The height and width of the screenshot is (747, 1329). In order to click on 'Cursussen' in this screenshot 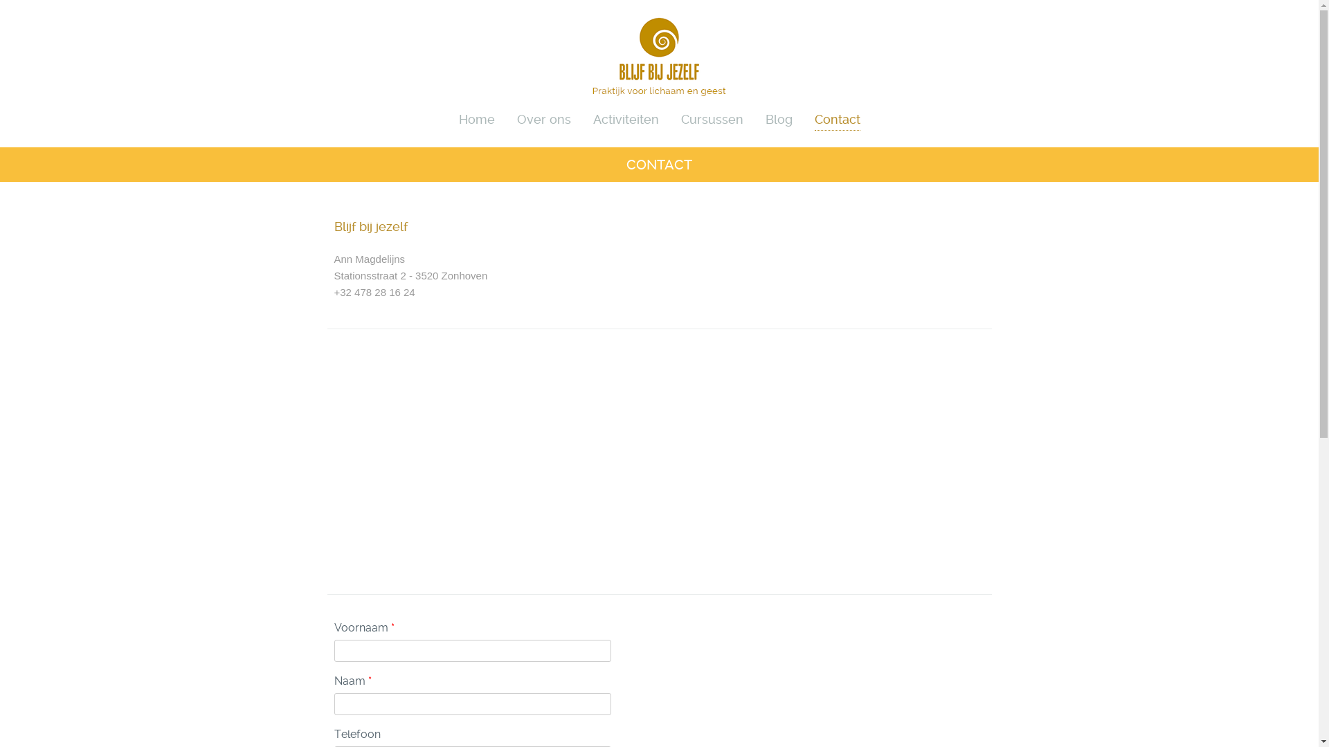, I will do `click(680, 117)`.